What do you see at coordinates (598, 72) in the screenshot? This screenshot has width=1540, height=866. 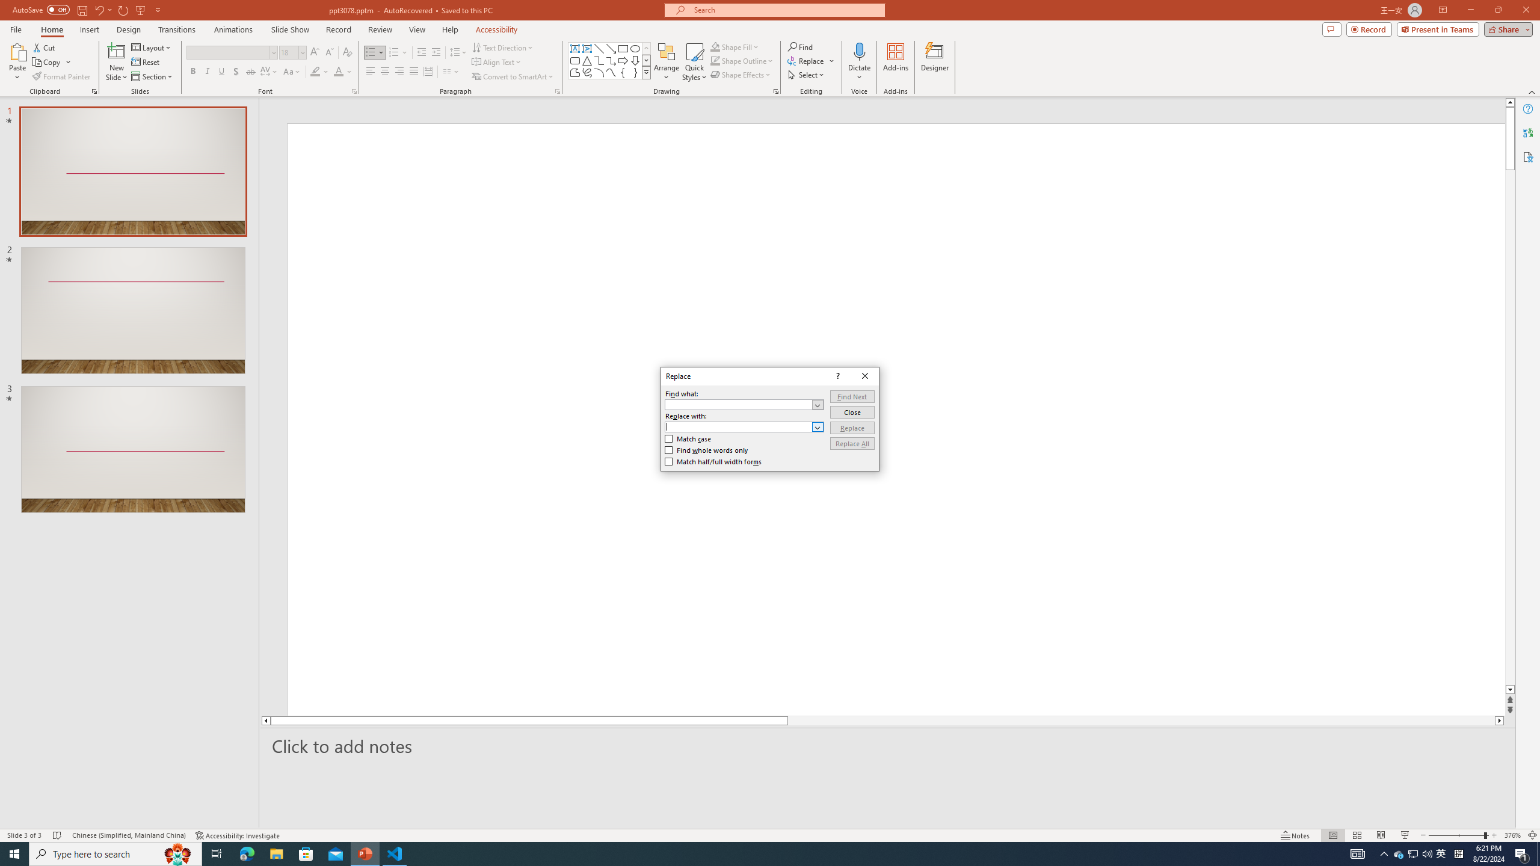 I see `'Arc'` at bounding box center [598, 72].